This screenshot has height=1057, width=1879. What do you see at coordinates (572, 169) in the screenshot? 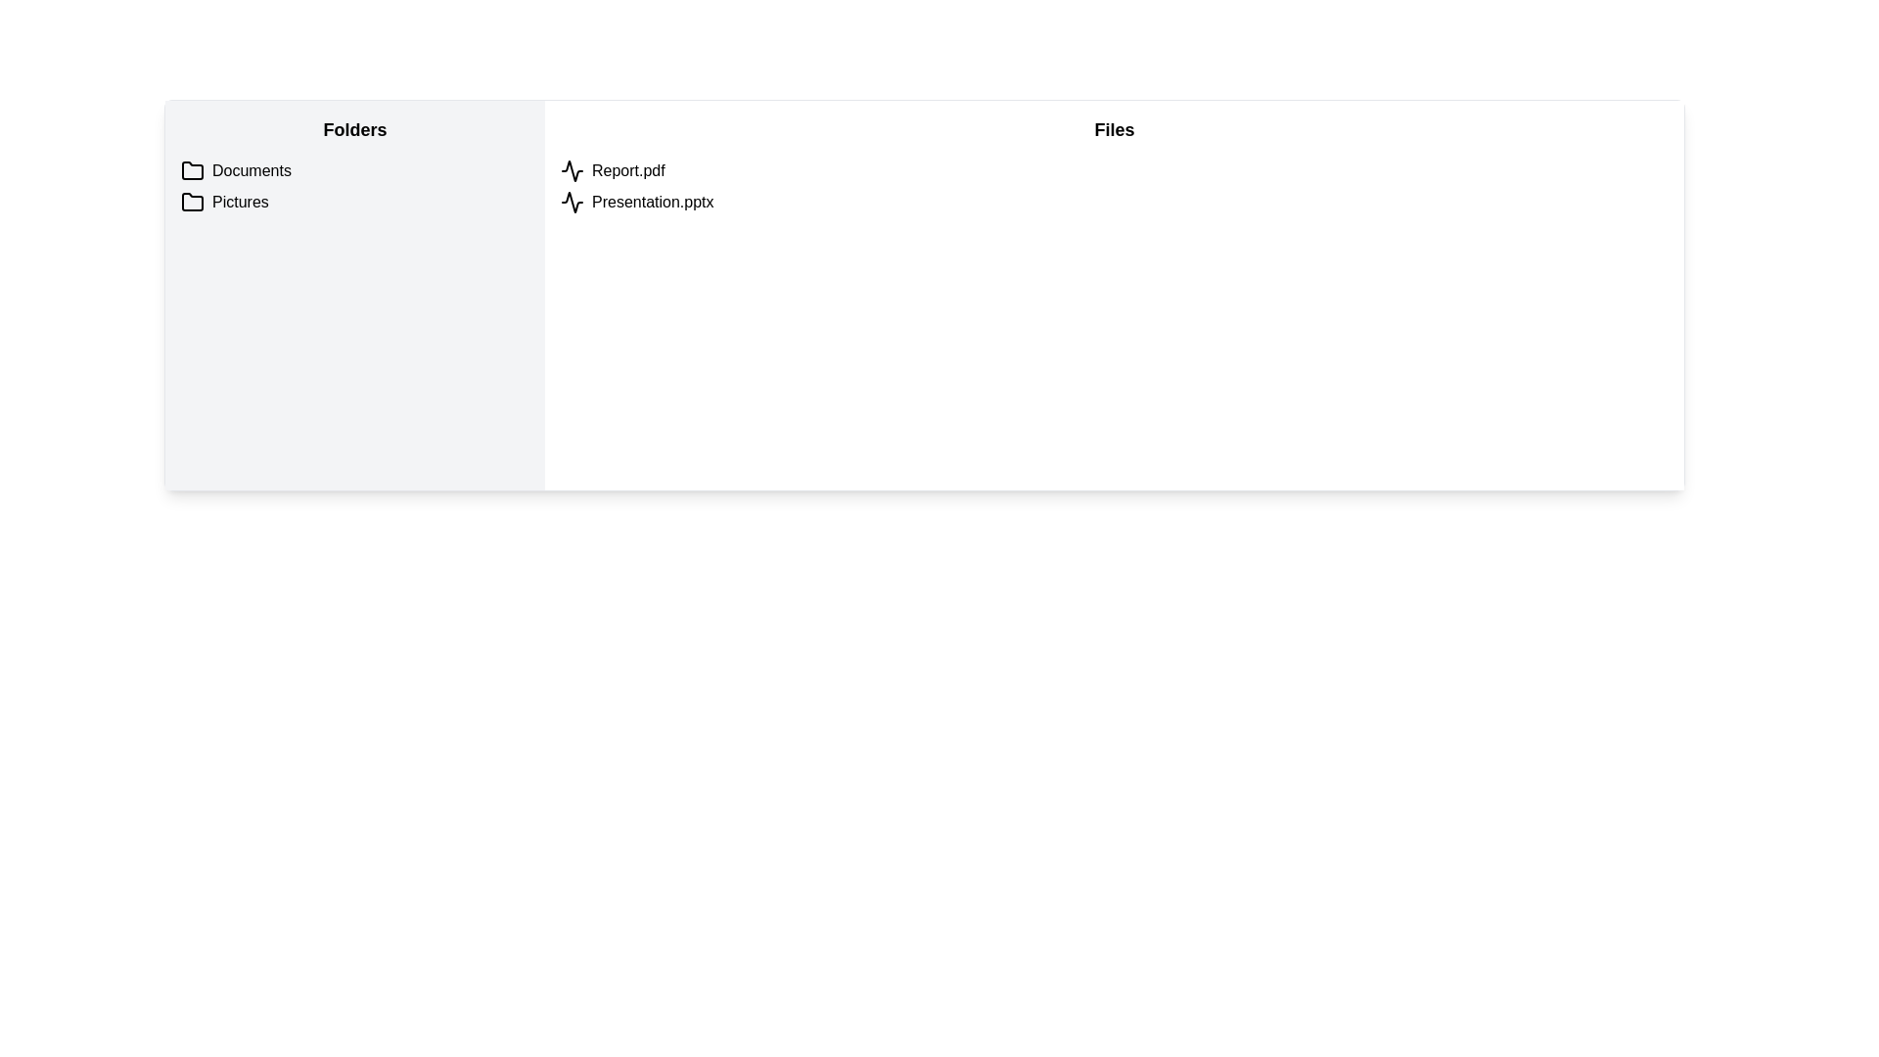
I see `the icon representing the file 'Report.pdf' located in the 'Files' section, positioned at the top of the file list` at bounding box center [572, 169].